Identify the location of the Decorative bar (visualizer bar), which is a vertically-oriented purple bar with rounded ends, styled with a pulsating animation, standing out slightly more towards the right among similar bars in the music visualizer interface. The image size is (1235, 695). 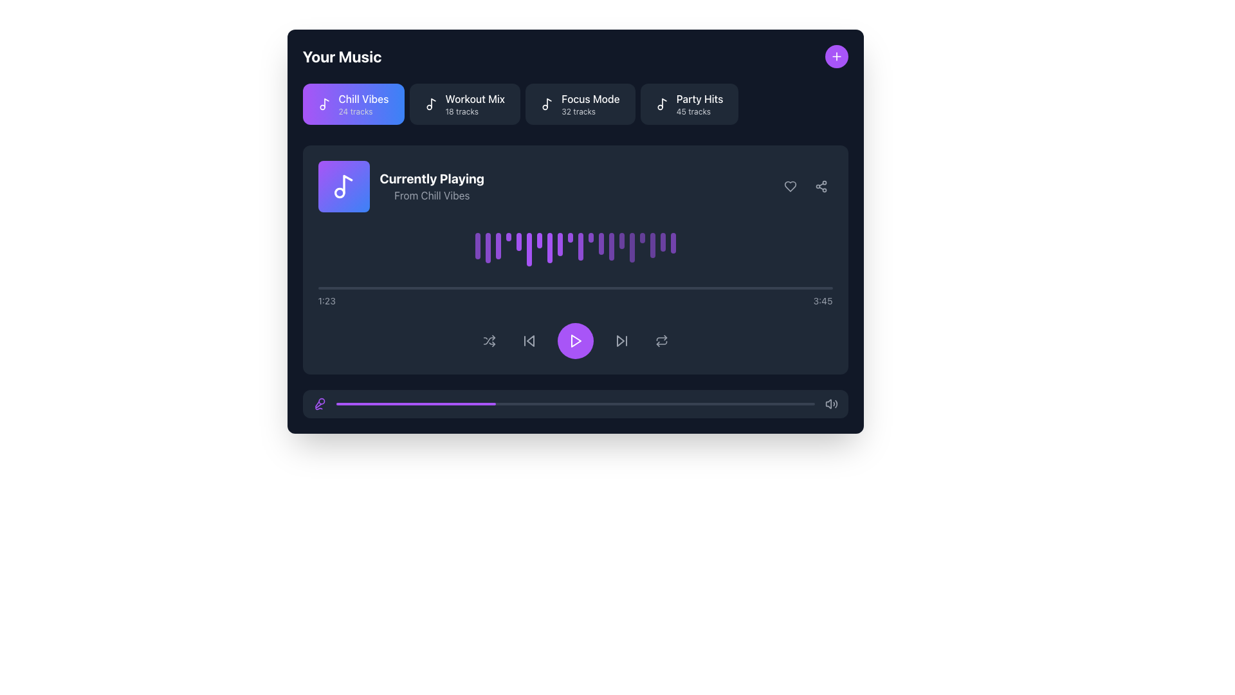
(580, 246).